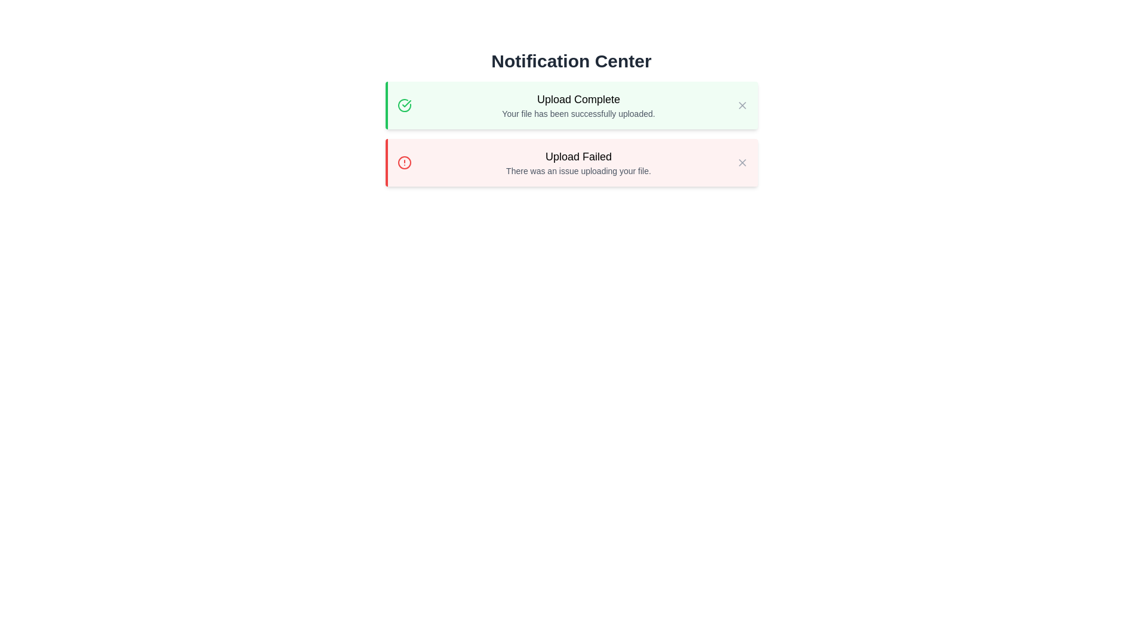 This screenshot has height=644, width=1146. What do you see at coordinates (741, 163) in the screenshot?
I see `the Close button represented as a stylized SVG graphic in the top-right corner of the 'Upload Failed' notification message` at bounding box center [741, 163].